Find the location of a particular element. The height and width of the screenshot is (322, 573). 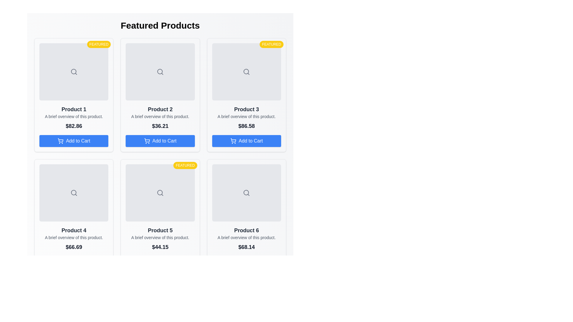

the price label of 'Product 5', which is styled in bold, large black text and located above the 'Add to Cart' button is located at coordinates (160, 247).